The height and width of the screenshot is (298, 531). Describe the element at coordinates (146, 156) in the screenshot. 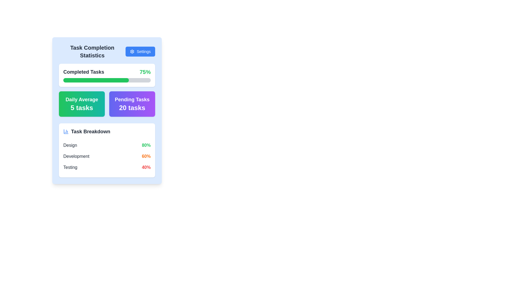

I see `the Static text display showing '60%' in bold orange style, which corresponds to 'Development' in the 'Task Breakdown' section` at that location.